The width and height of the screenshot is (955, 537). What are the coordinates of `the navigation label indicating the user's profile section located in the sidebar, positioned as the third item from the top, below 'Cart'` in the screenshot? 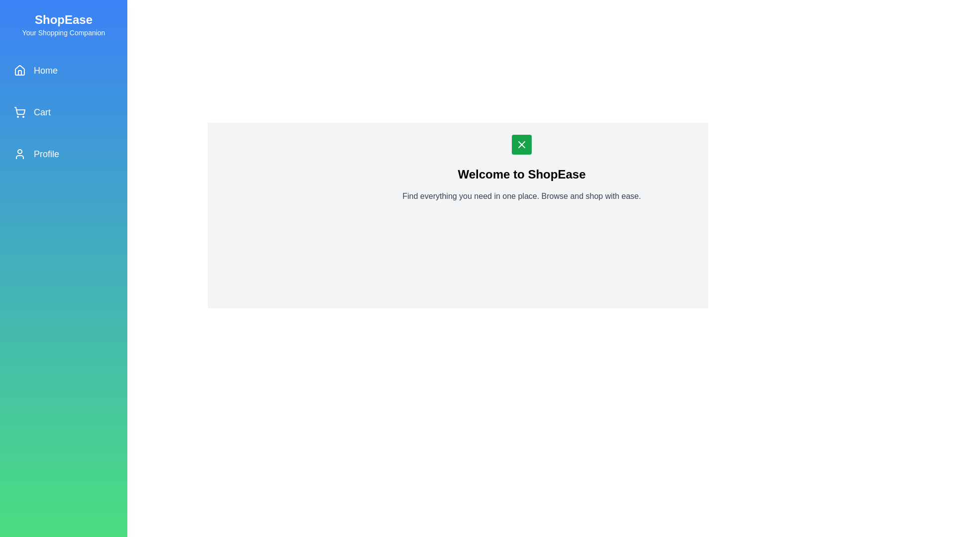 It's located at (46, 154).